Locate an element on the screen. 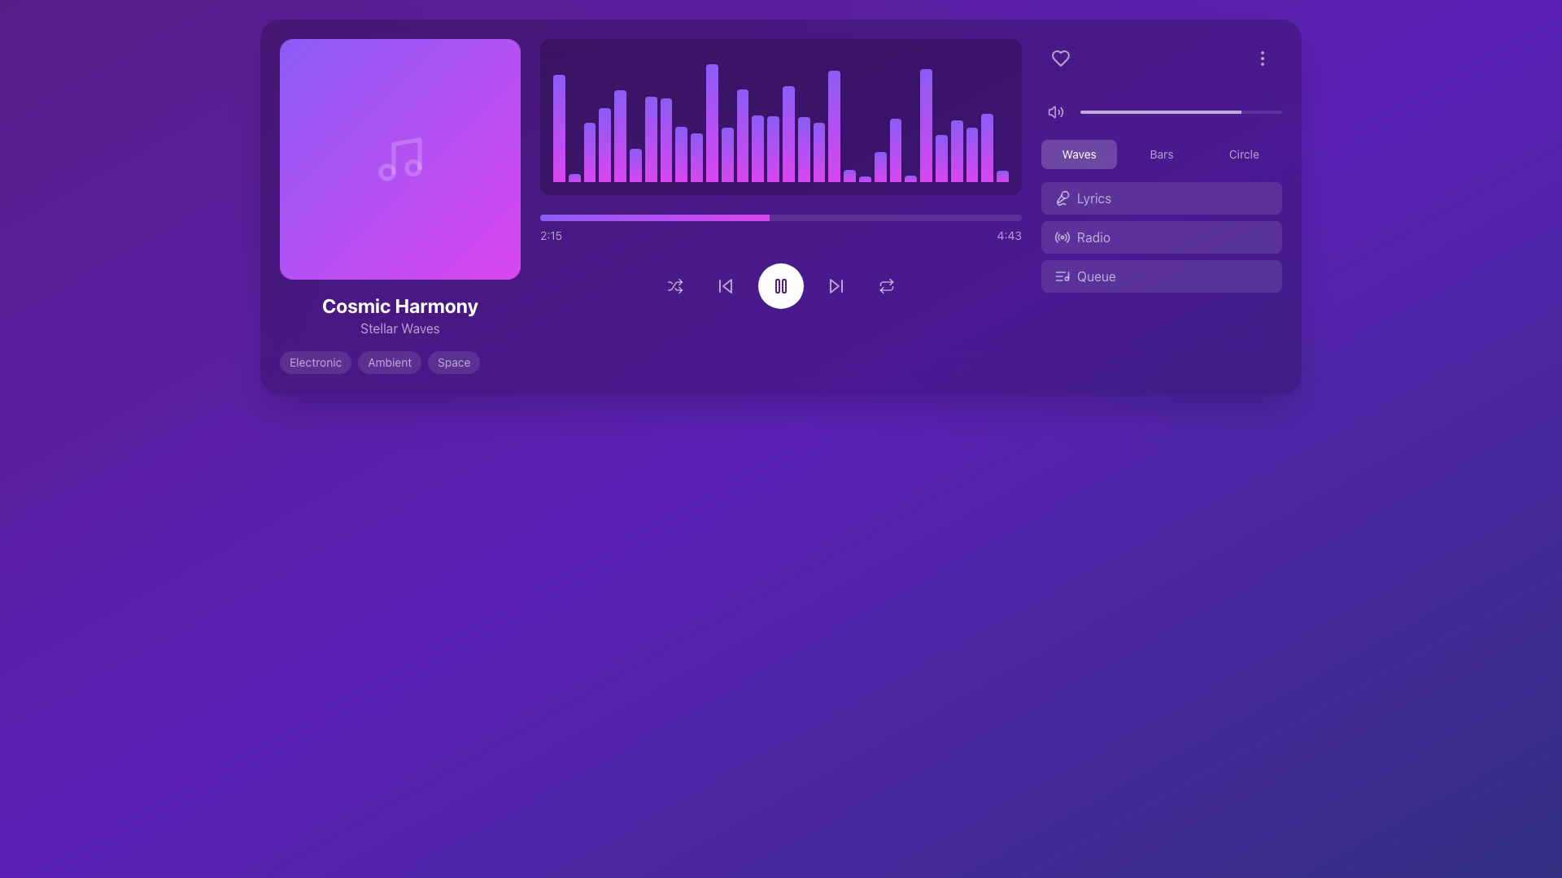 The image size is (1562, 878). the horizontal progress bar located in the top-right section of the interface, which features a light colored background and a darker foreground indicating completion is located at coordinates (1180, 111).